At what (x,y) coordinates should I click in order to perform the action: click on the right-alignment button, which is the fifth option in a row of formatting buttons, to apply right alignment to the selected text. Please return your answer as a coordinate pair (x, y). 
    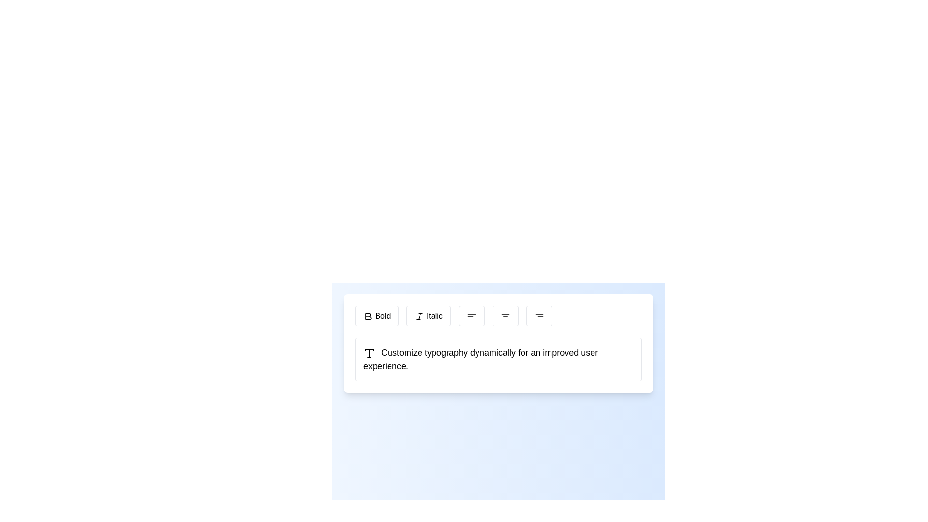
    Looking at the image, I should click on (538, 316).